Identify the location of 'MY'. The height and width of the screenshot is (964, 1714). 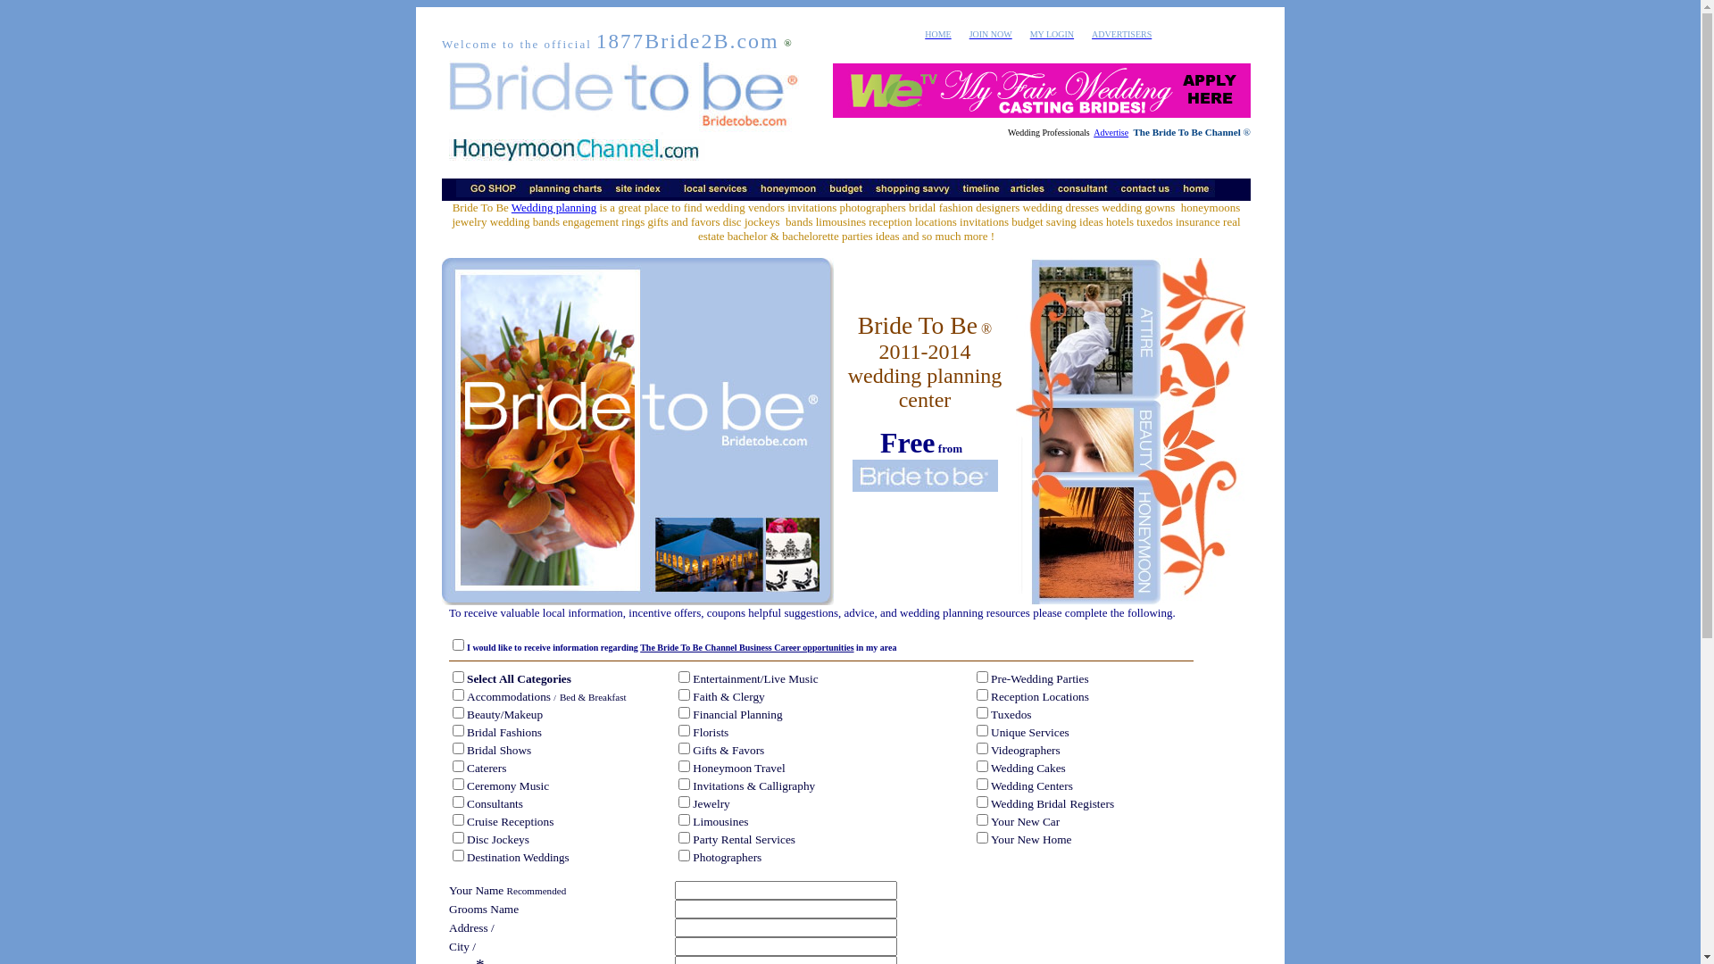
(1029, 32).